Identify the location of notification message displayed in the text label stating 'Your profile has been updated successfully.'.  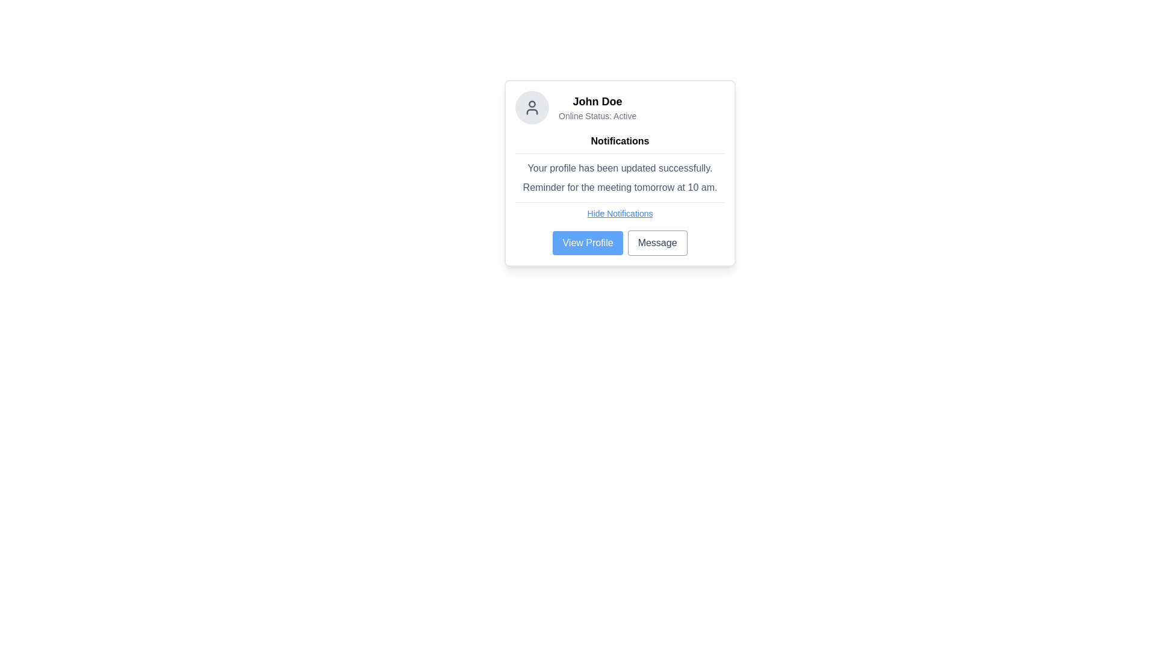
(620, 169).